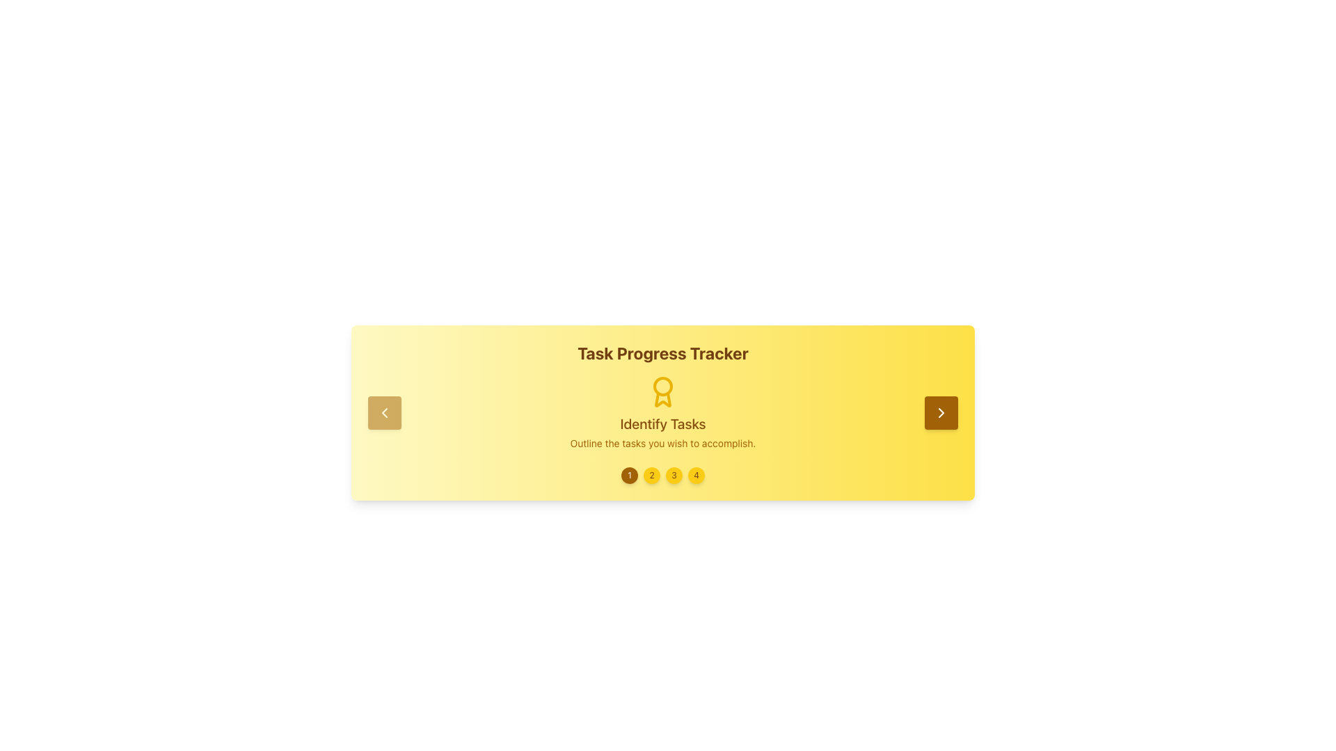  What do you see at coordinates (629, 474) in the screenshot?
I see `the first navigation button located centrally at the bottom of the content area` at bounding box center [629, 474].